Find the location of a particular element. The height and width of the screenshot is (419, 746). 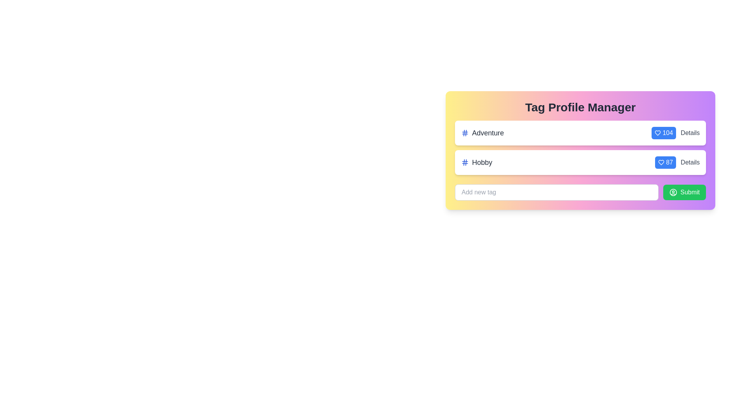

the 'Adventure' tag element located in the 'Tag Profile Manager' section is located at coordinates (482, 133).